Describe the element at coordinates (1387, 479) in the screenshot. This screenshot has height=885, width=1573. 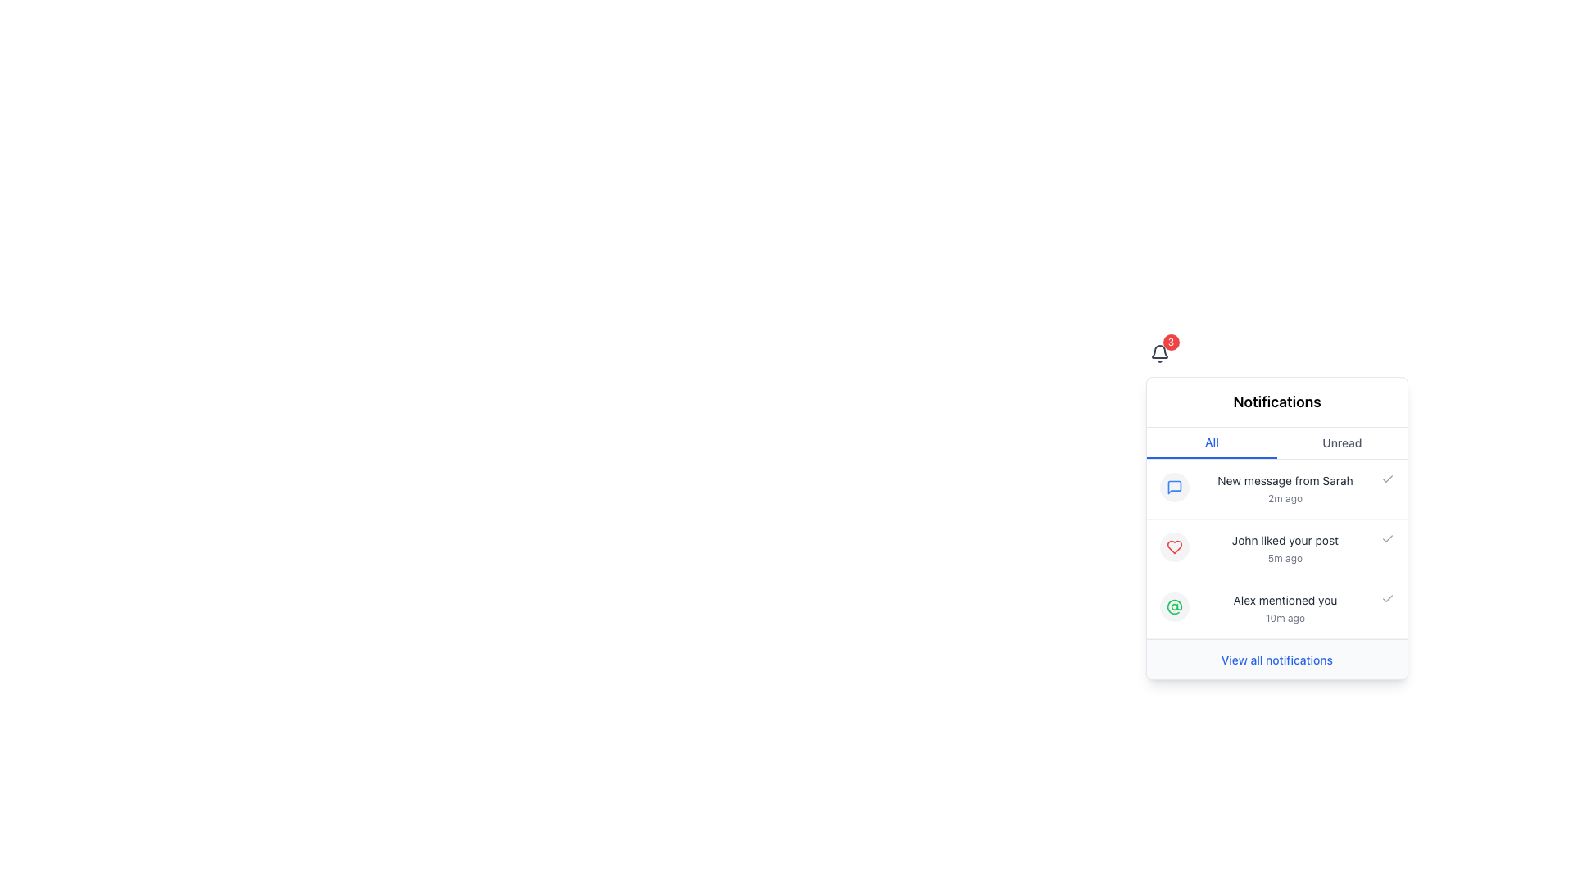
I see `the 'Mark as read' button, which features a gray checkmark icon and is located to the right of the 'New message from Sarah' notification entry` at that location.